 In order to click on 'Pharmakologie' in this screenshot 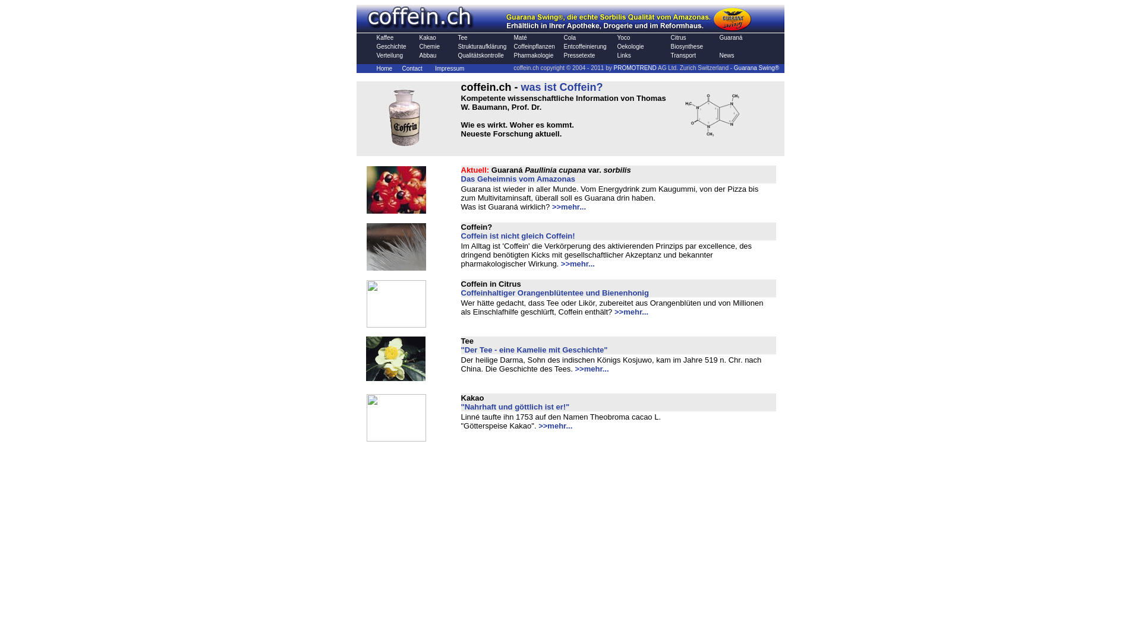, I will do `click(513, 55)`.